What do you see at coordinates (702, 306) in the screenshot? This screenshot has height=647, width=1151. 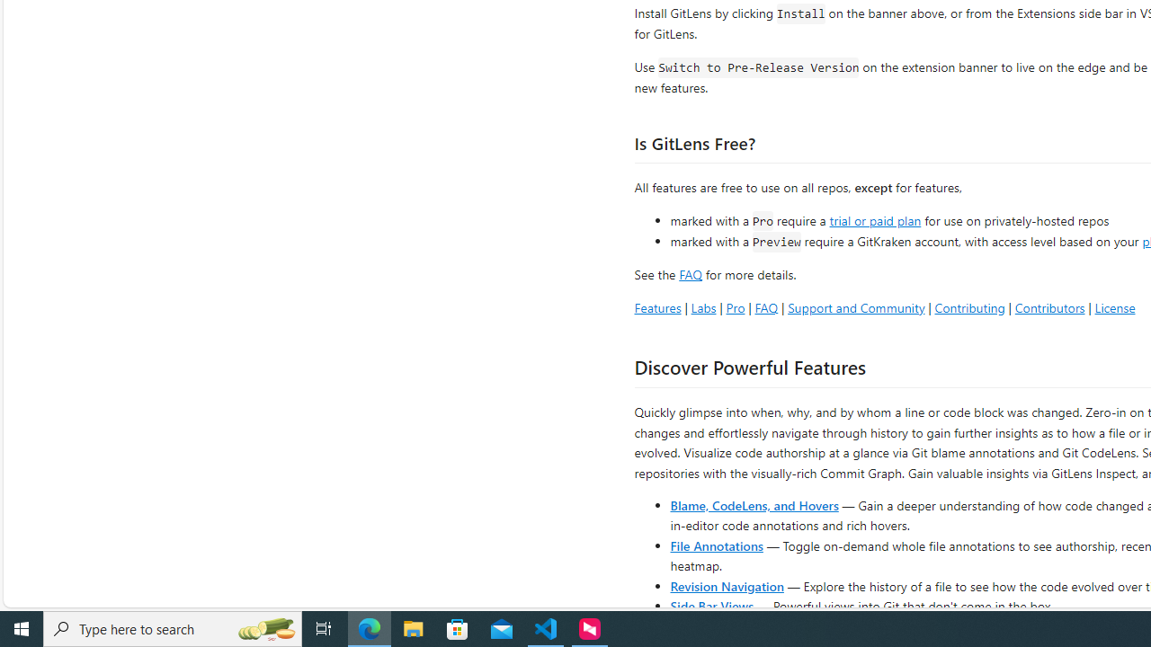 I see `'Labs'` at bounding box center [702, 306].